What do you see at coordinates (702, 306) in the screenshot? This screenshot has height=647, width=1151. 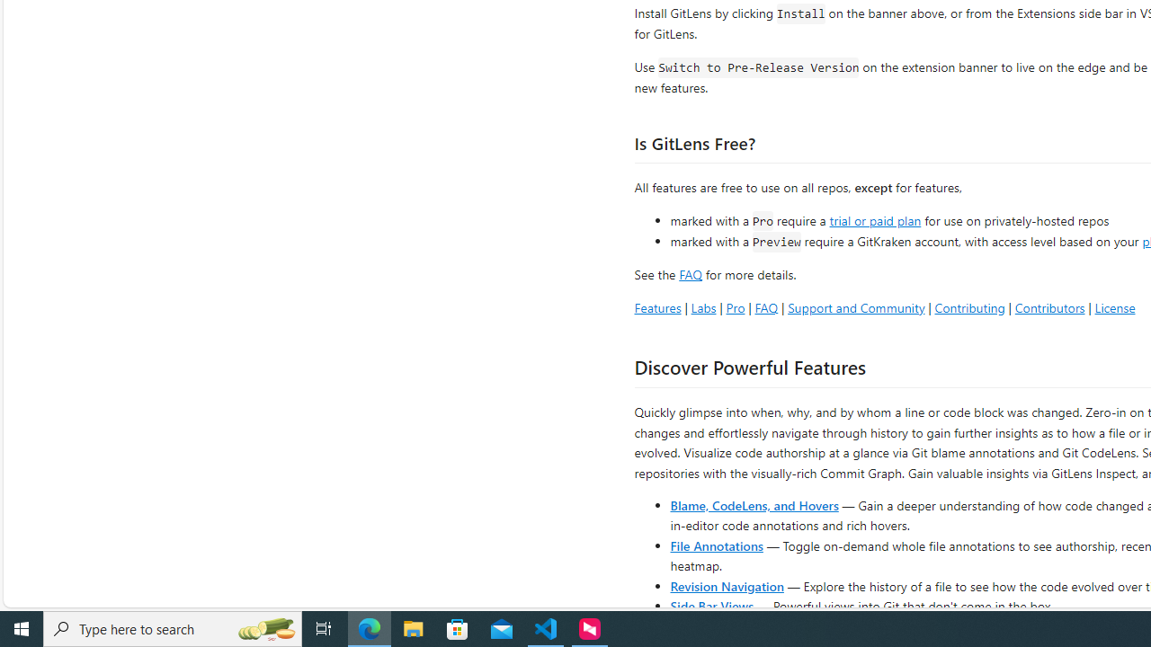 I see `'Labs'` at bounding box center [702, 306].